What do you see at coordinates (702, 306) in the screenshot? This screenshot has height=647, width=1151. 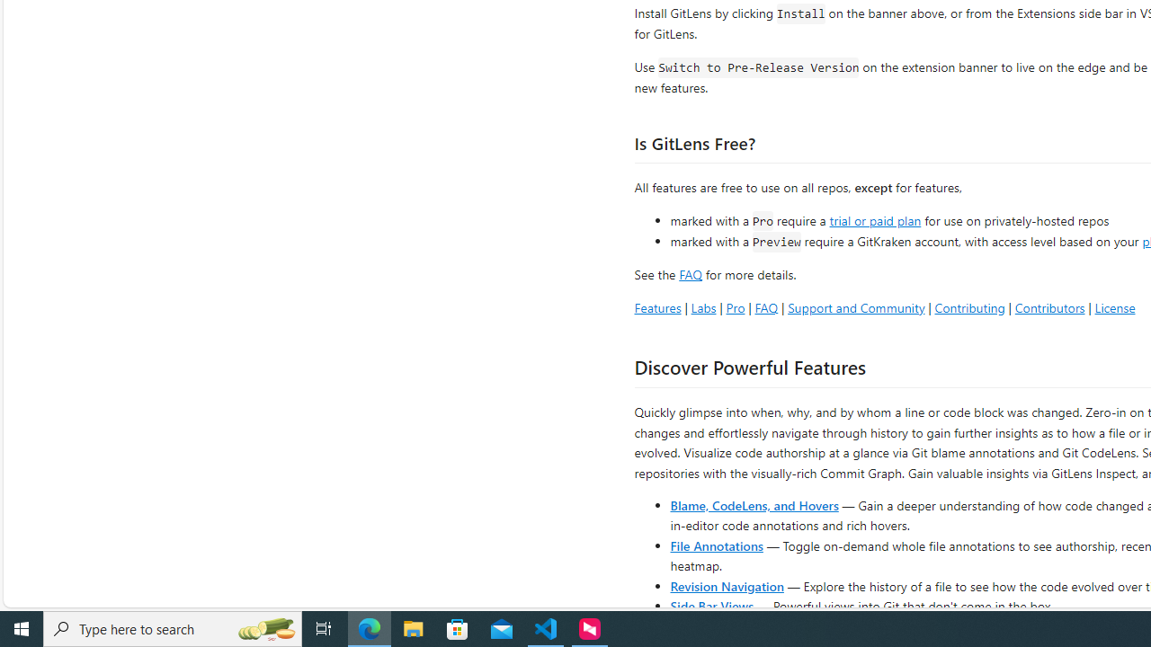 I see `'Labs'` at bounding box center [702, 306].